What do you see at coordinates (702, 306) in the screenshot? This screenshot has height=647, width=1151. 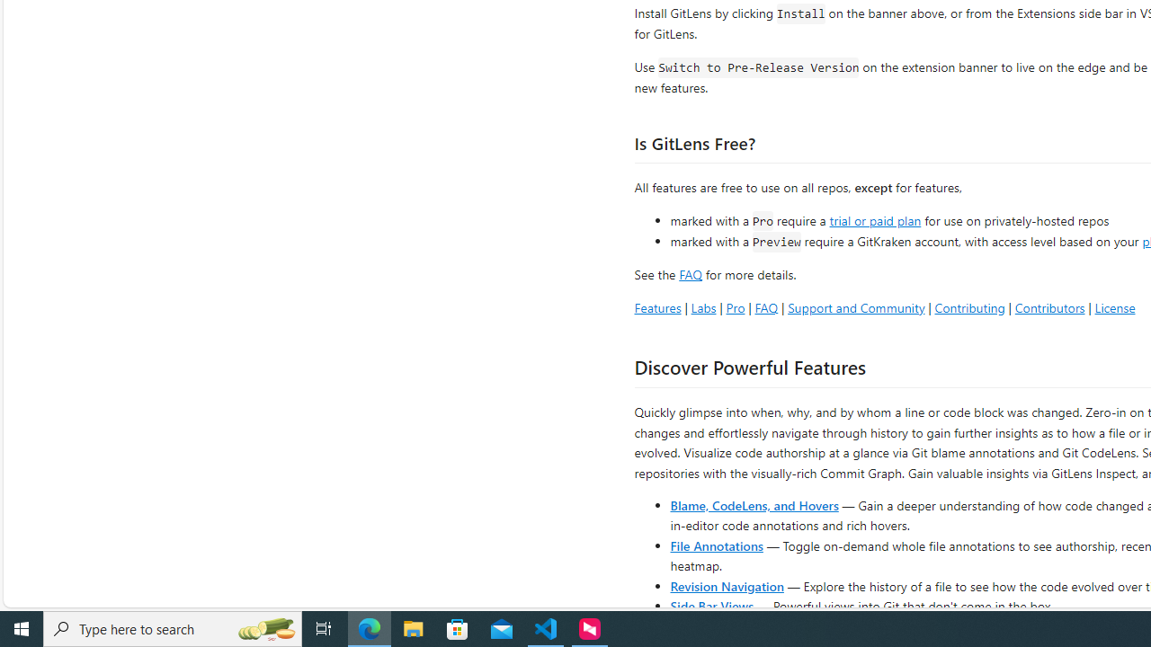 I see `'Labs'` at bounding box center [702, 306].